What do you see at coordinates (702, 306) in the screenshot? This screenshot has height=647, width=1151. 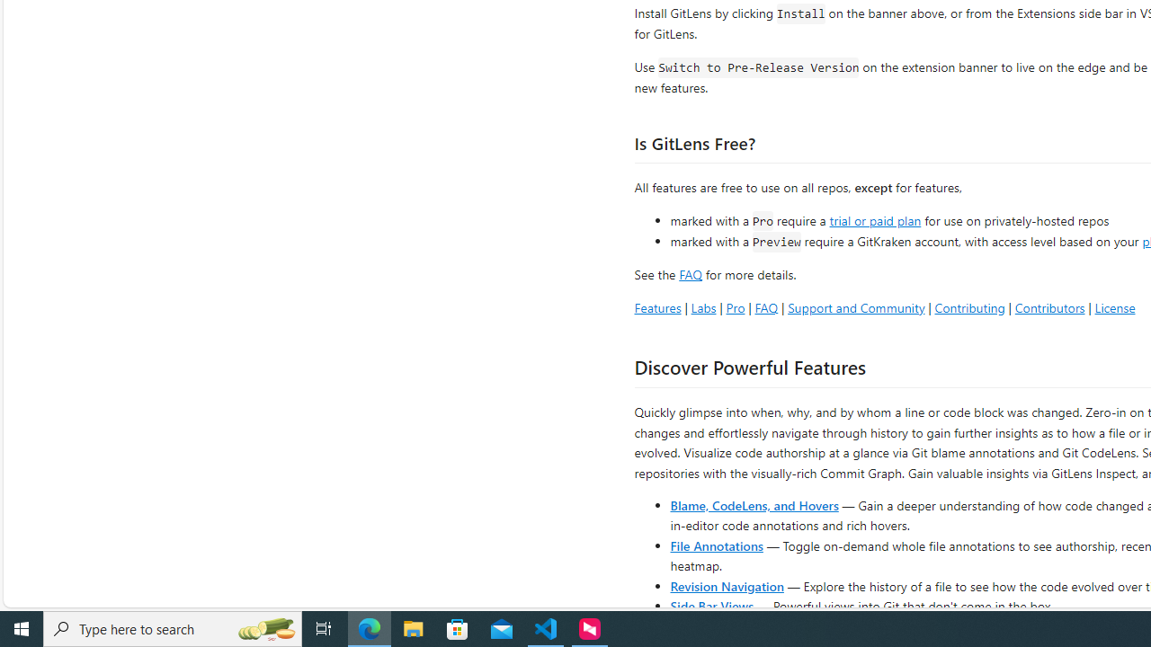 I see `'Labs'` at bounding box center [702, 306].